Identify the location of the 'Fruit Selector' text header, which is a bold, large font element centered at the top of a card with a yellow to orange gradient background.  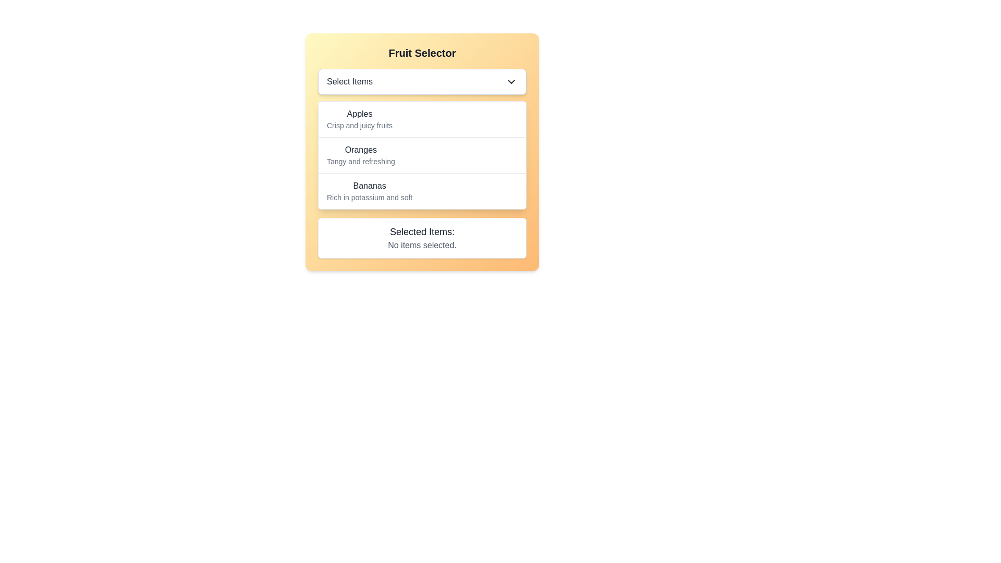
(422, 53).